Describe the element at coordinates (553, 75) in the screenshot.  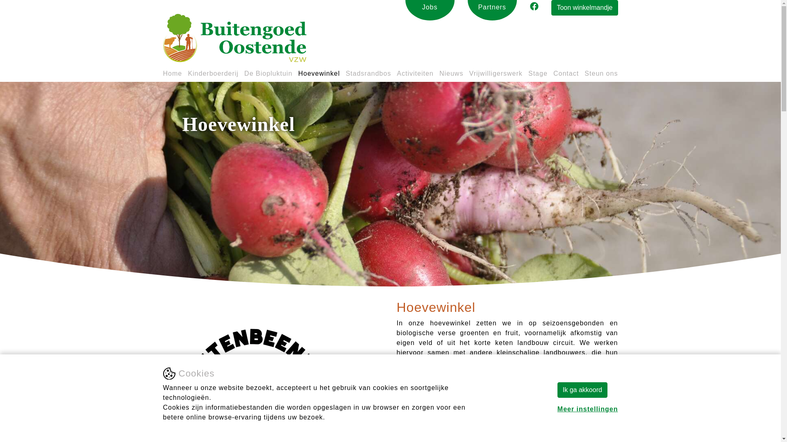
I see `'Contact'` at that location.